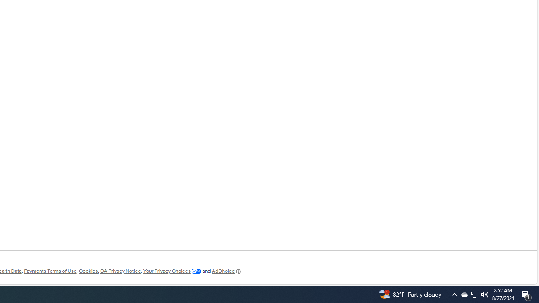  Describe the element at coordinates (50, 271) in the screenshot. I see `'Payments Terms of Use'` at that location.